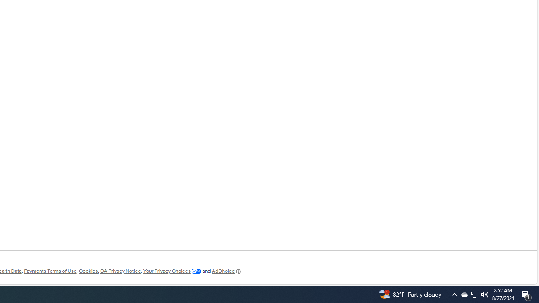  Describe the element at coordinates (50, 271) in the screenshot. I see `'Payments Terms of Use'` at that location.